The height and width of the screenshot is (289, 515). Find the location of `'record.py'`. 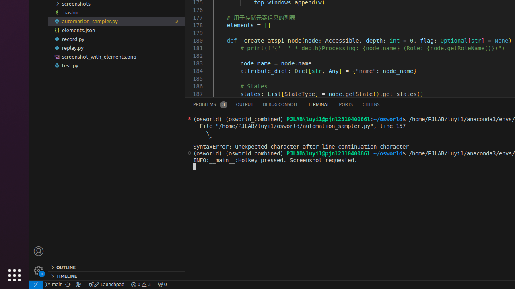

'record.py' is located at coordinates (116, 39).